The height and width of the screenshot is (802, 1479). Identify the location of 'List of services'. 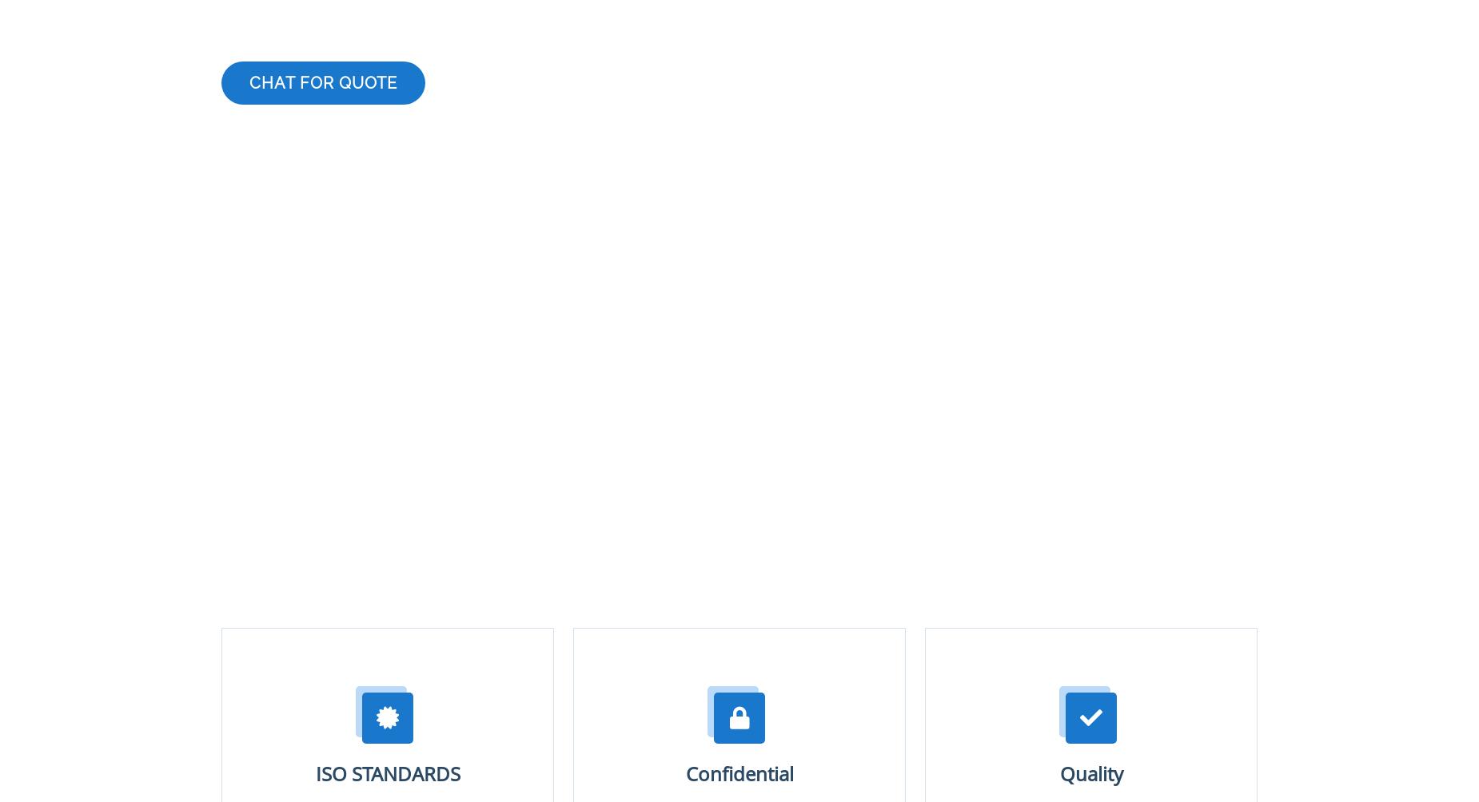
(286, 117).